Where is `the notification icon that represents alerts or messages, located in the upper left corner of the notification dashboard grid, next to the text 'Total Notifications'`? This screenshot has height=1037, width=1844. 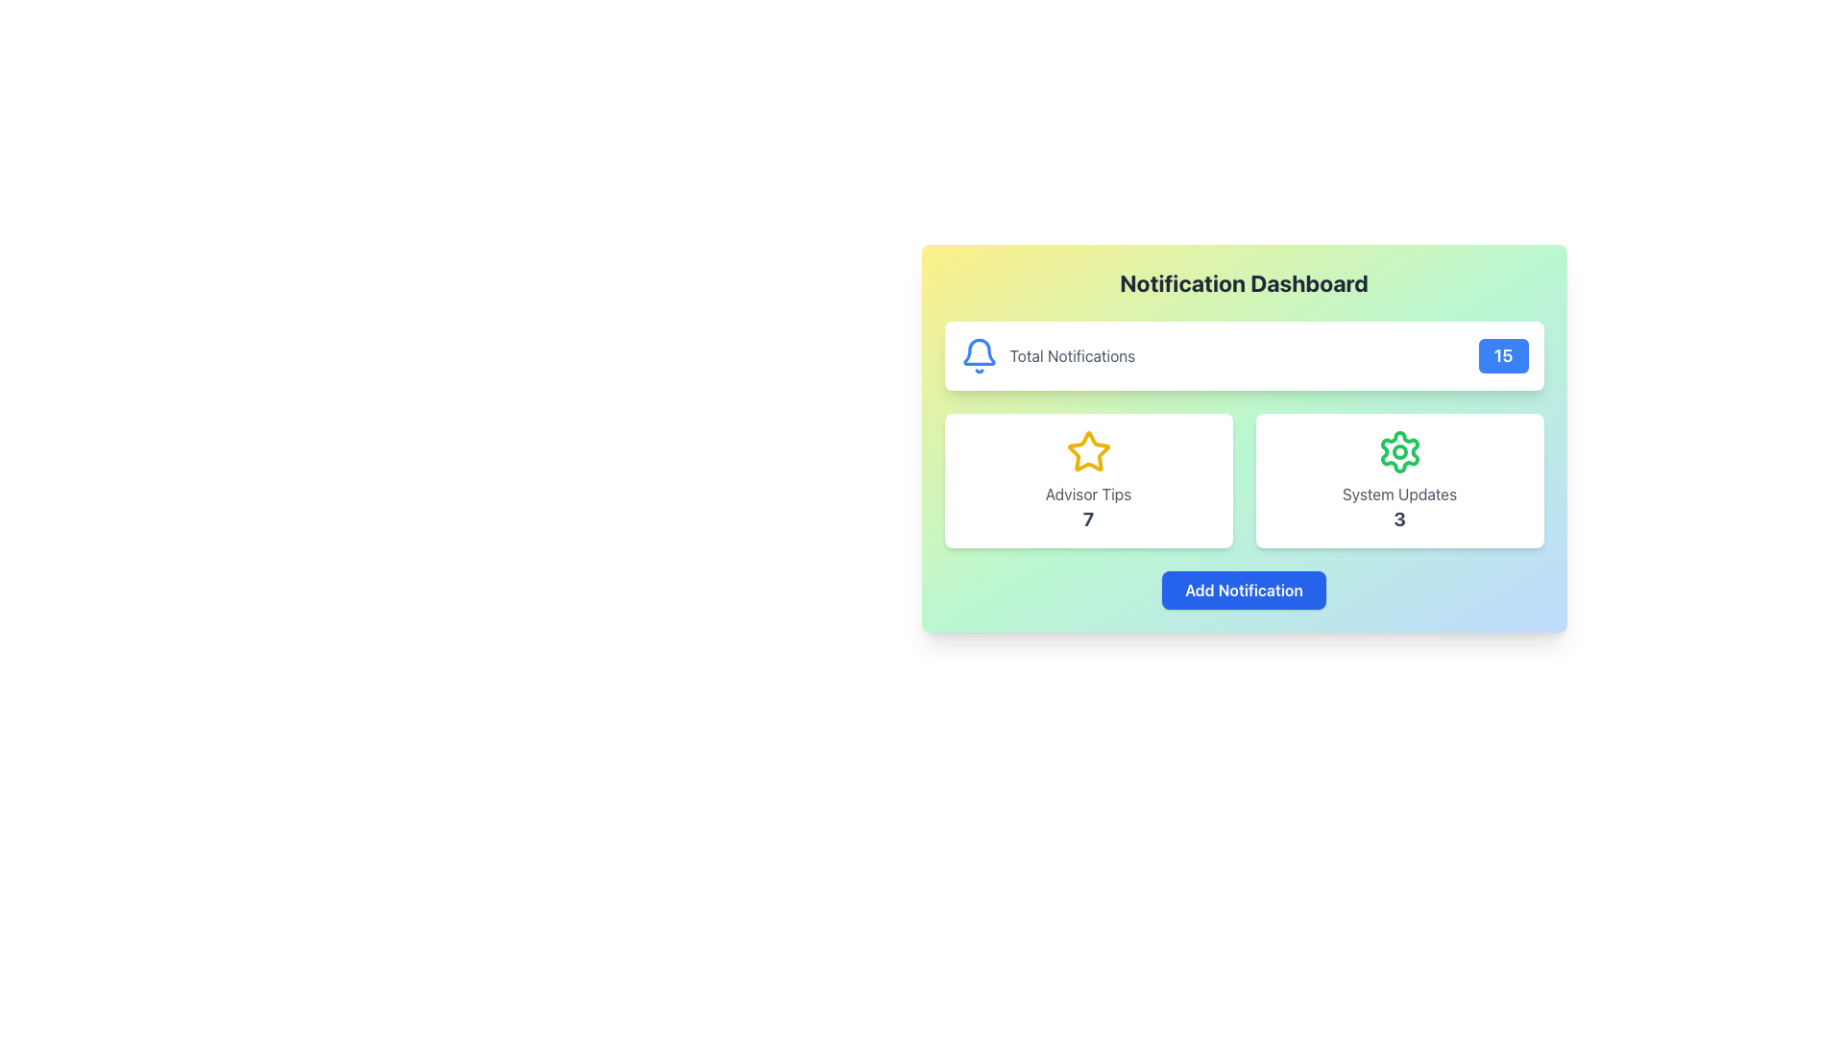
the notification icon that represents alerts or messages, located in the upper left corner of the notification dashboard grid, next to the text 'Total Notifications' is located at coordinates (979, 355).